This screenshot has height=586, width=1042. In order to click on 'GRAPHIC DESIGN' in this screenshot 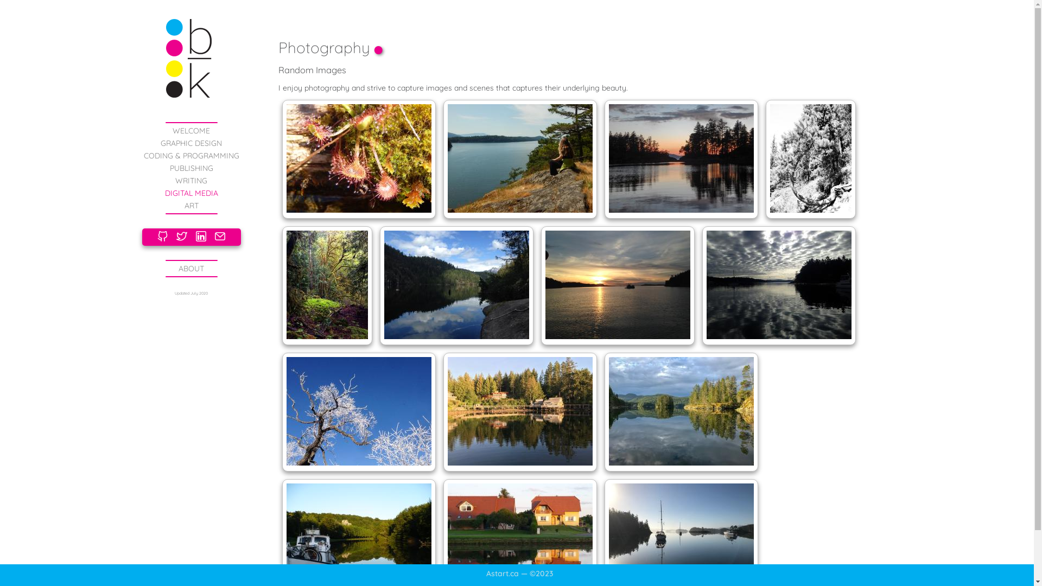, I will do `click(160, 142)`.